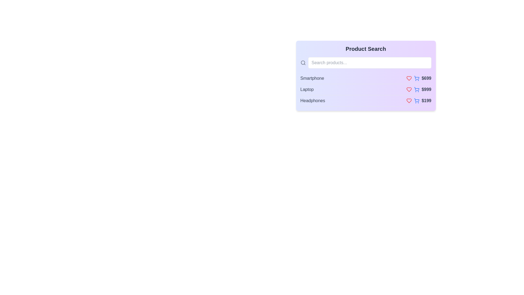 The height and width of the screenshot is (295, 524). Describe the element at coordinates (416, 78) in the screenshot. I see `the shopping cart icon located to the right of the product name and heart icon` at that location.